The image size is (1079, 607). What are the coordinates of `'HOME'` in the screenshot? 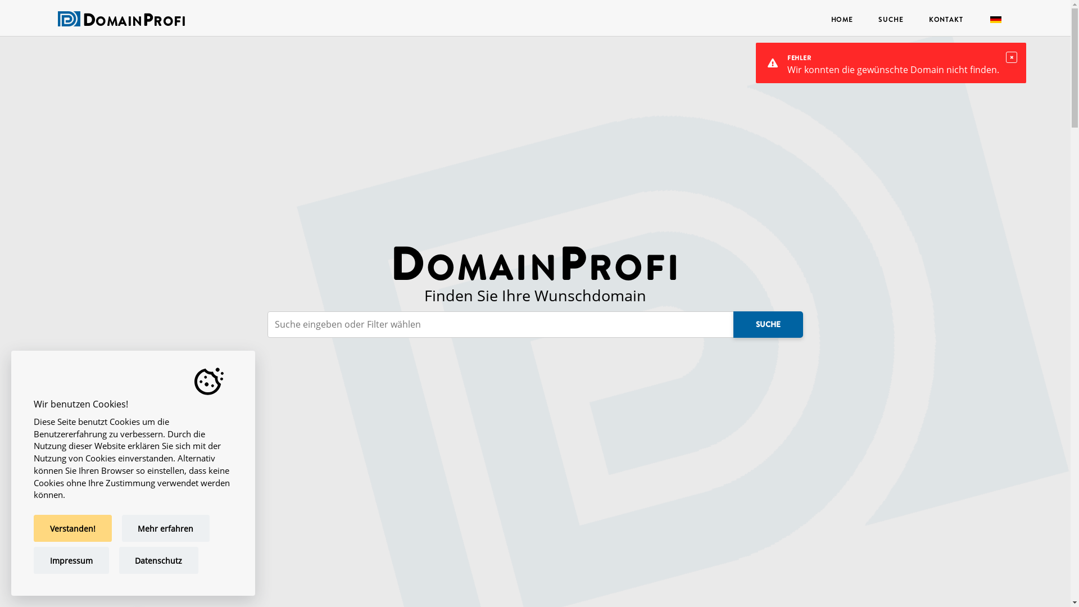 It's located at (842, 19).